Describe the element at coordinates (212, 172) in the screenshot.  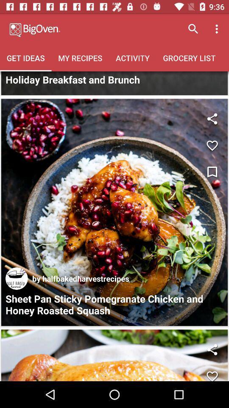
I see `displays a menu` at that location.